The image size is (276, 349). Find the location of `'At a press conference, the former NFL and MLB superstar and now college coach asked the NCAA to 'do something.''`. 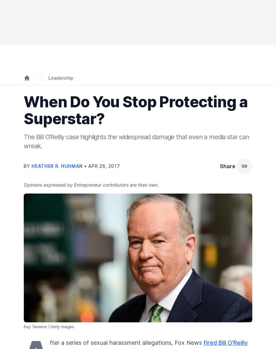

'At a press conference, the former NFL and MLB superstar and now college coach asked the NCAA to 'do something.'' is located at coordinates (24, 174).